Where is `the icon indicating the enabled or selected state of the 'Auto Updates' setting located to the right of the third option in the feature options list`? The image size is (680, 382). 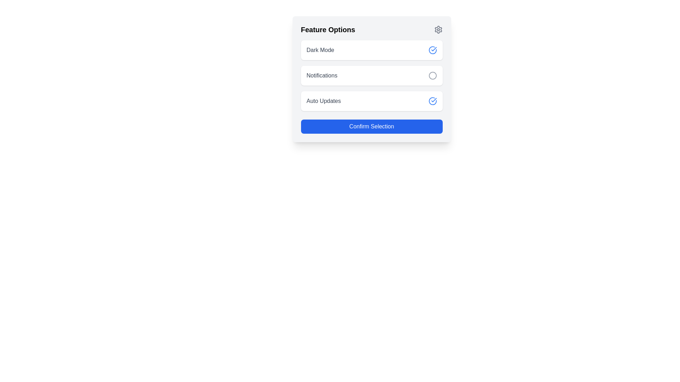 the icon indicating the enabled or selected state of the 'Auto Updates' setting located to the right of the third option in the feature options list is located at coordinates (432, 101).